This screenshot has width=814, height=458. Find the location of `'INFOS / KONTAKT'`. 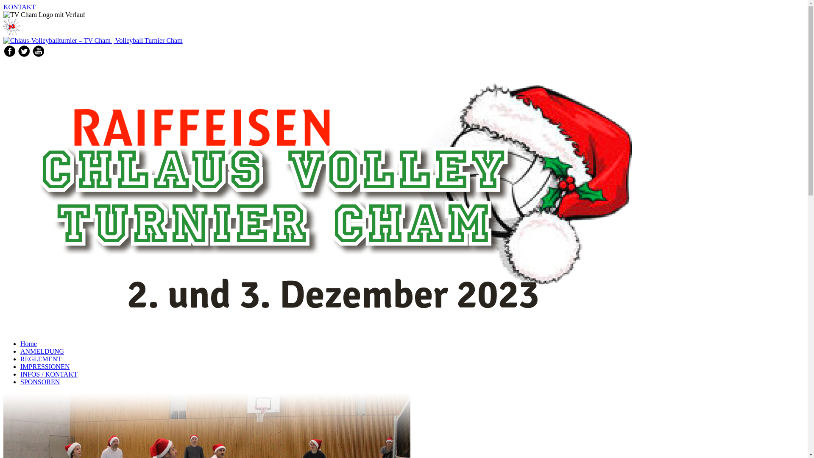

'INFOS / KONTAKT' is located at coordinates (20, 374).